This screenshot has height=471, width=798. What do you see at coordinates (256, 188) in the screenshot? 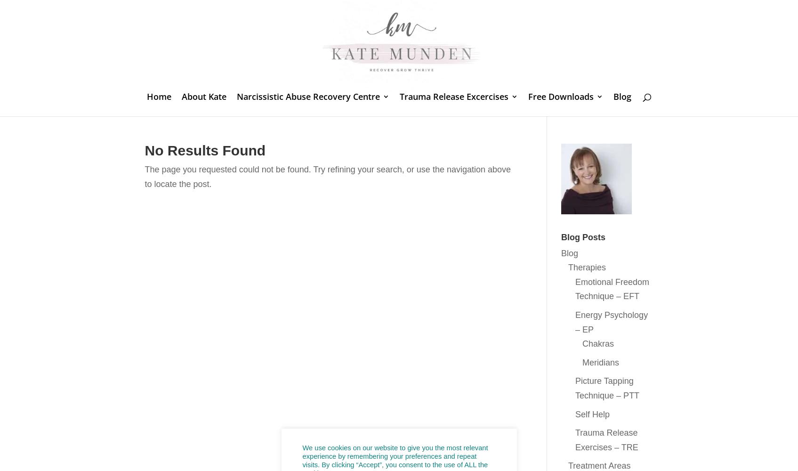
I see `'What is Gaslighting?'` at bounding box center [256, 188].